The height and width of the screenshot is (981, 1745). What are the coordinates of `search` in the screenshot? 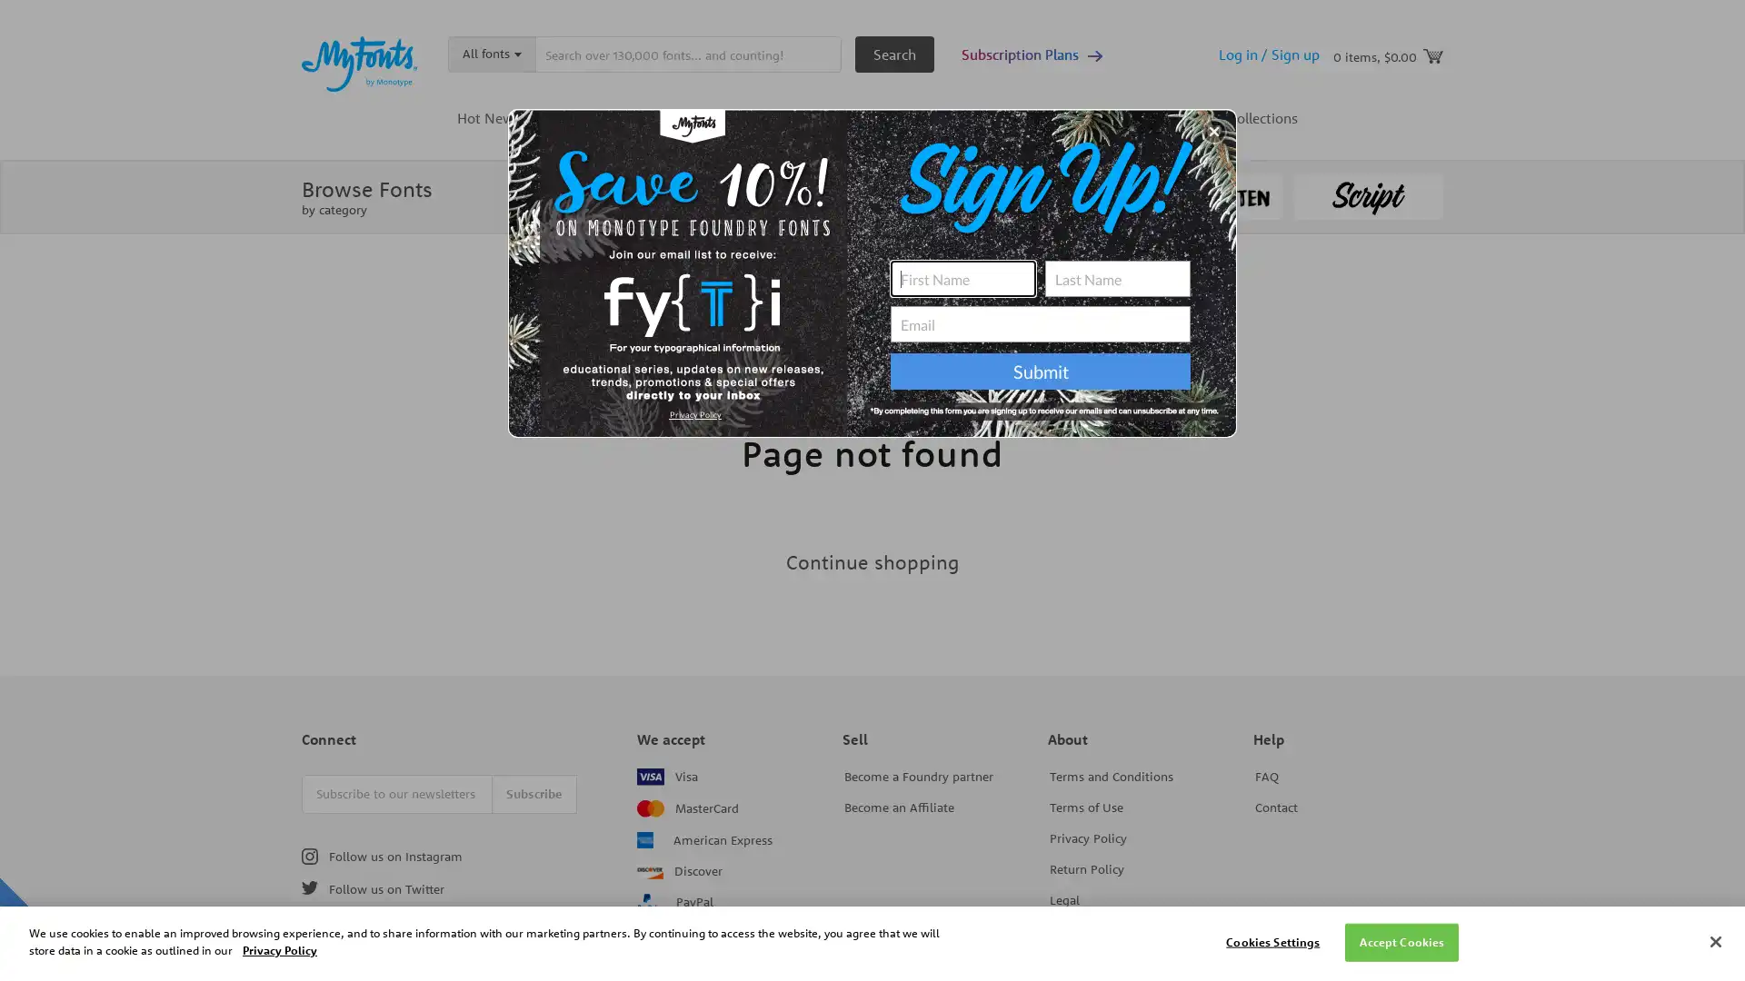 It's located at (894, 54).